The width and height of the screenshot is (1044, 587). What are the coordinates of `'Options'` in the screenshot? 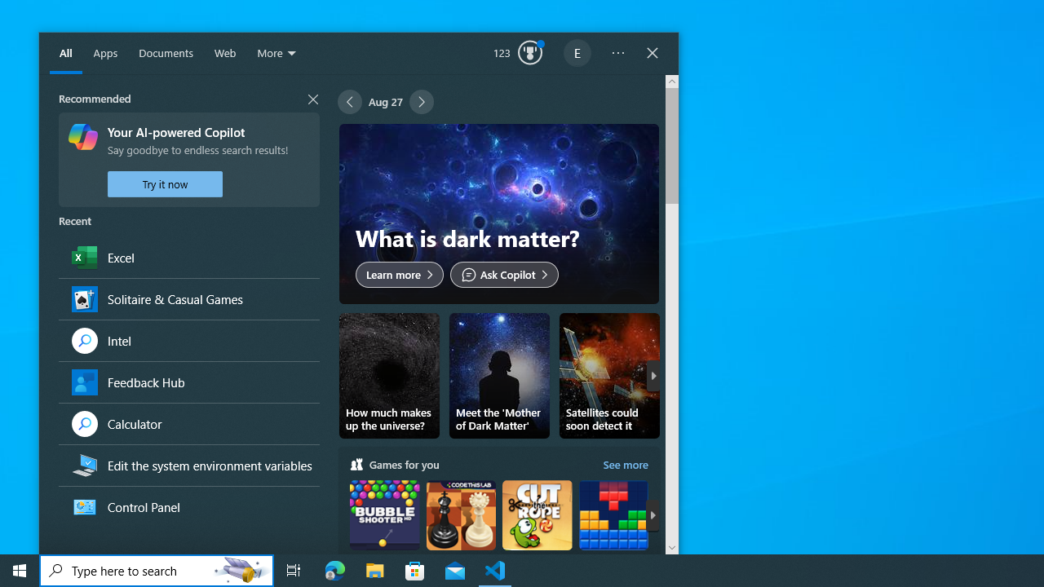 It's located at (617, 53).